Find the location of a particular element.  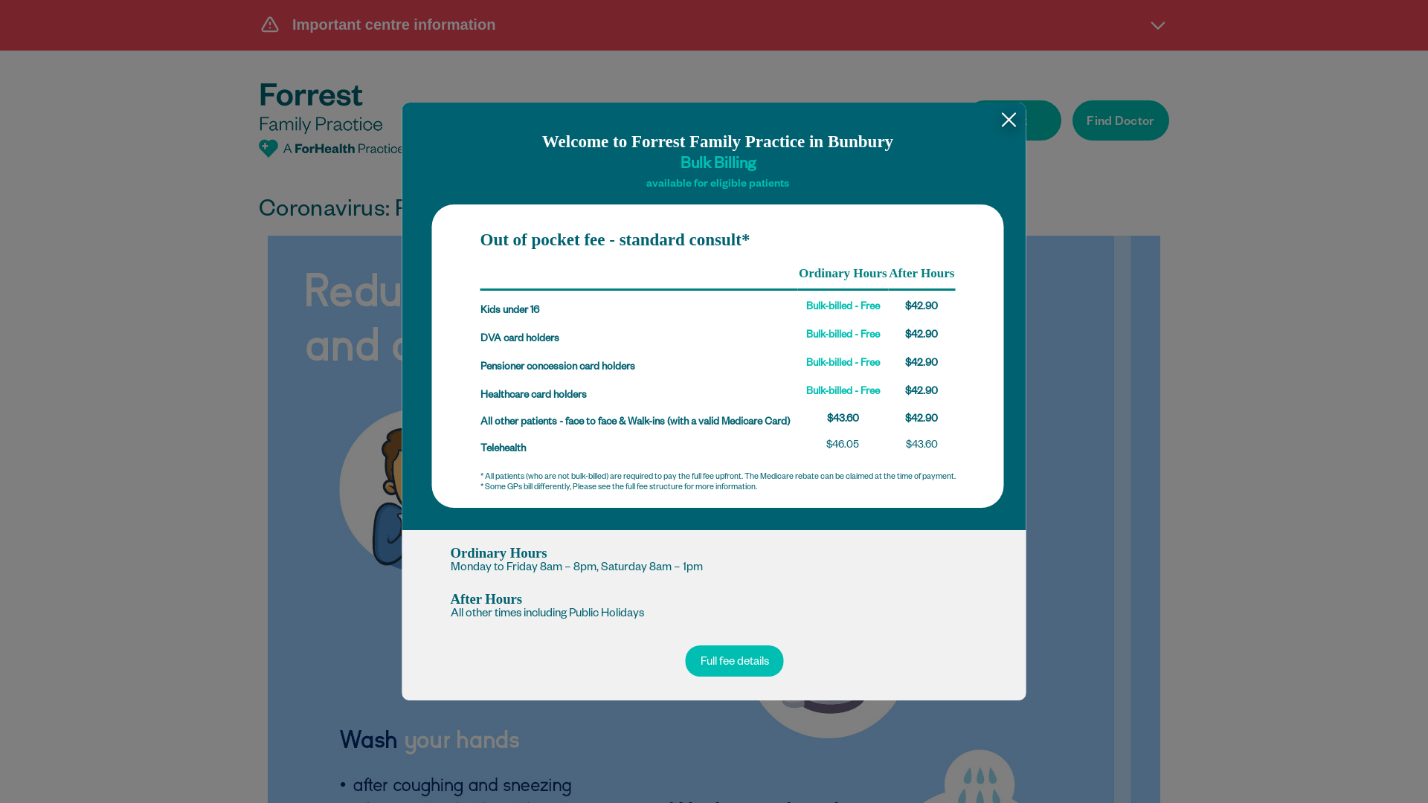

'Services' is located at coordinates (668, 122).